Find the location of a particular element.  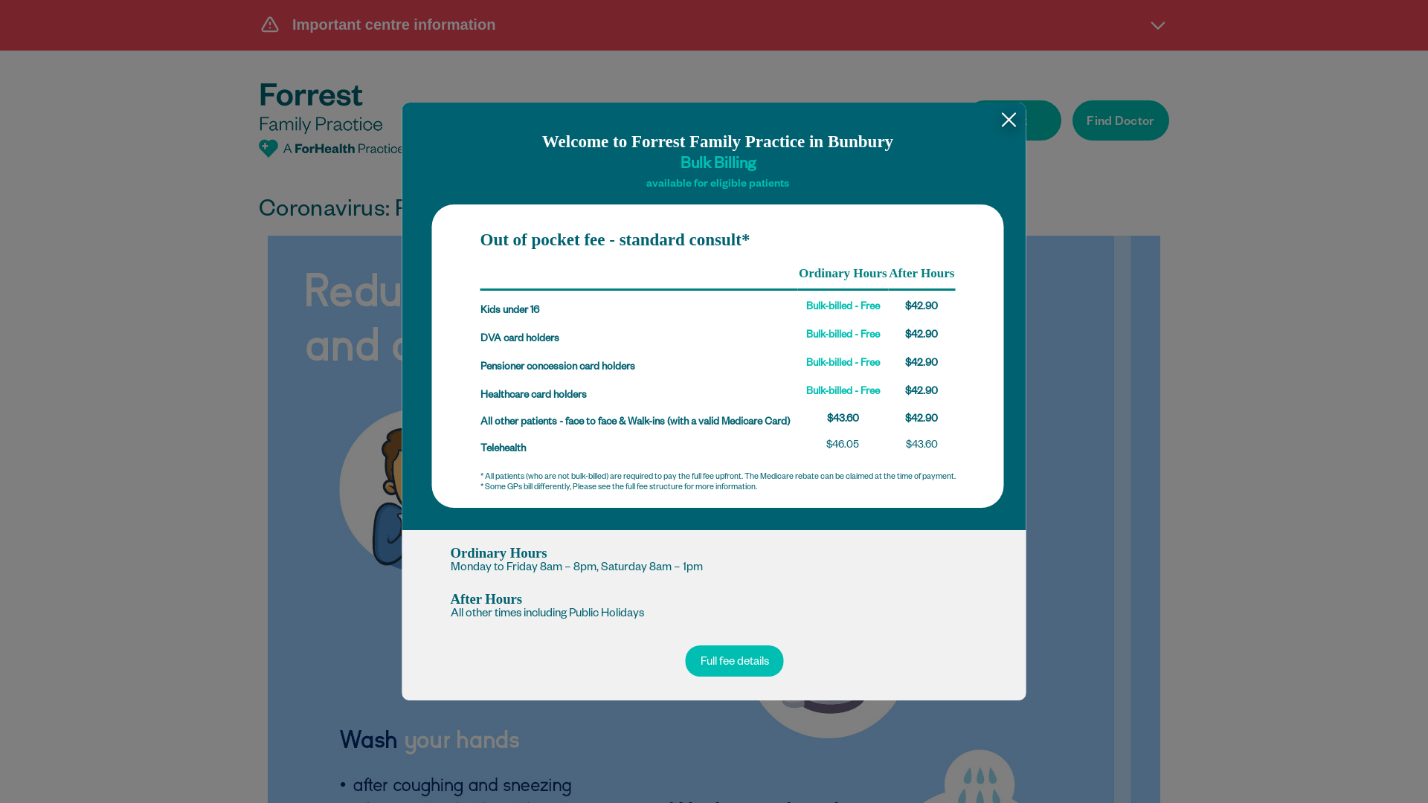

'Services' is located at coordinates (668, 122).